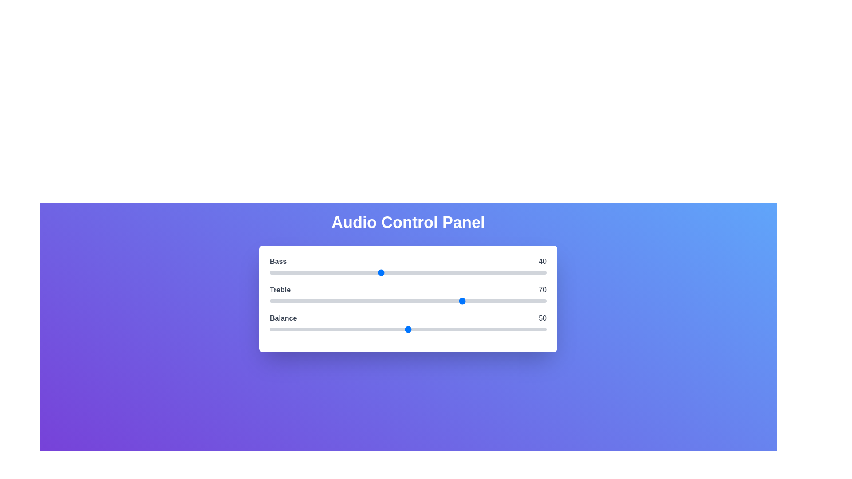 This screenshot has height=479, width=852. What do you see at coordinates (419, 272) in the screenshot?
I see `the 0 slider to 54` at bounding box center [419, 272].